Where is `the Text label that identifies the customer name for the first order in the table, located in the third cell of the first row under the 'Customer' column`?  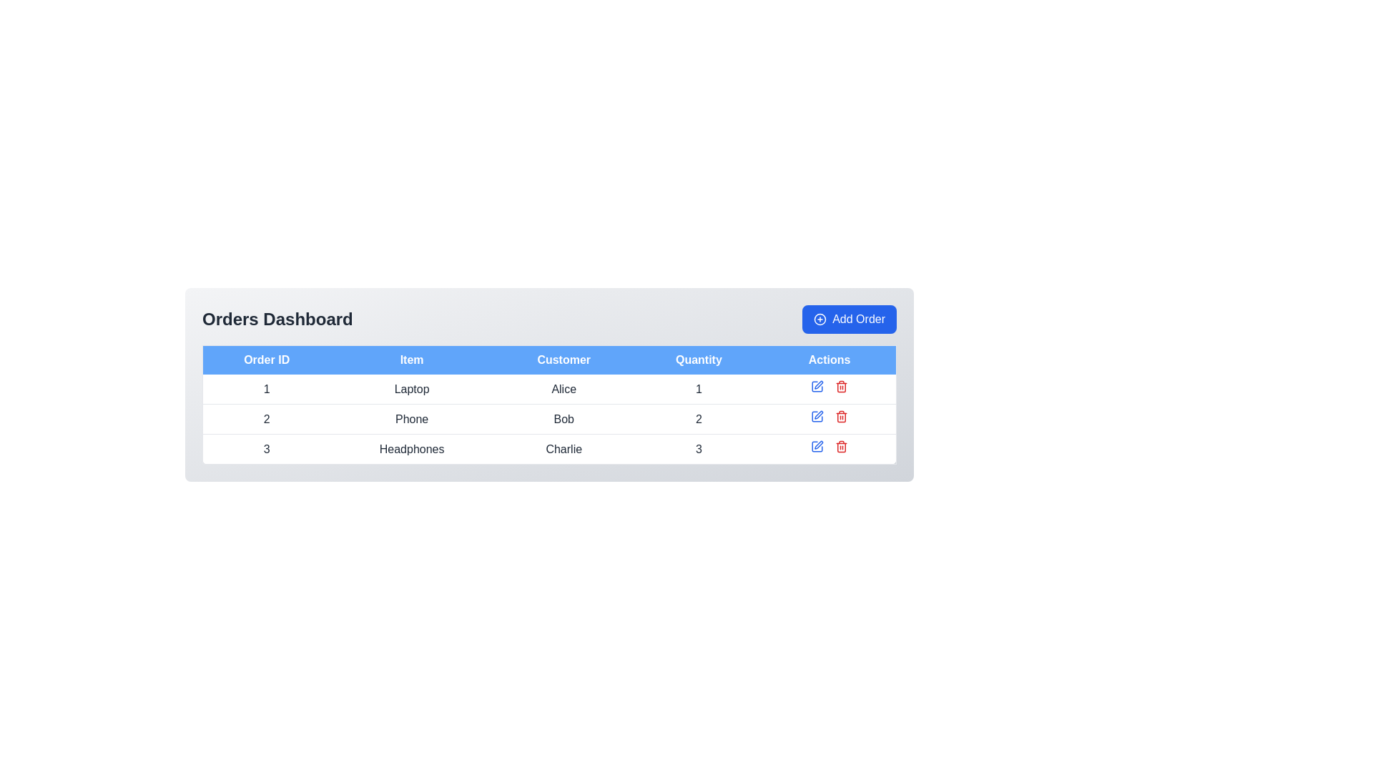 the Text label that identifies the customer name for the first order in the table, located in the third cell of the first row under the 'Customer' column is located at coordinates (563, 389).